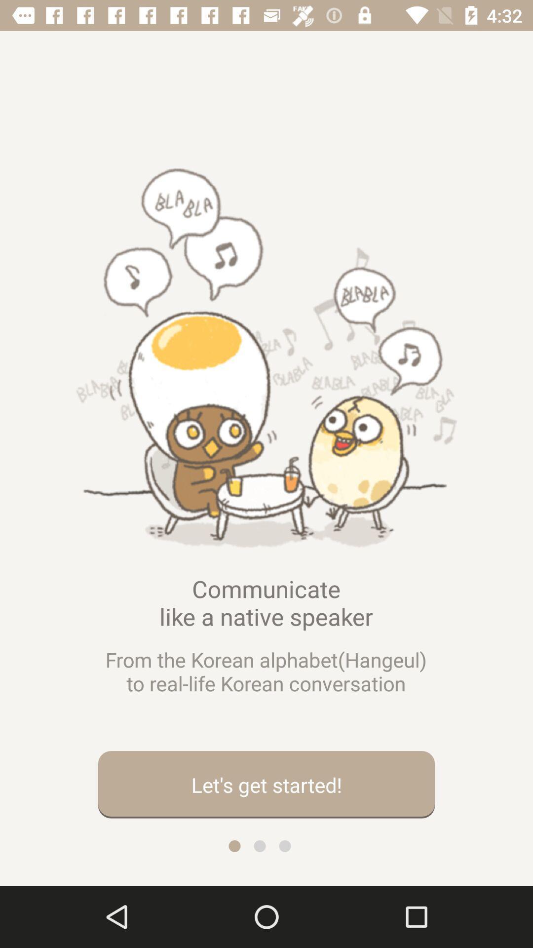  I want to click on the let s get button, so click(266, 784).